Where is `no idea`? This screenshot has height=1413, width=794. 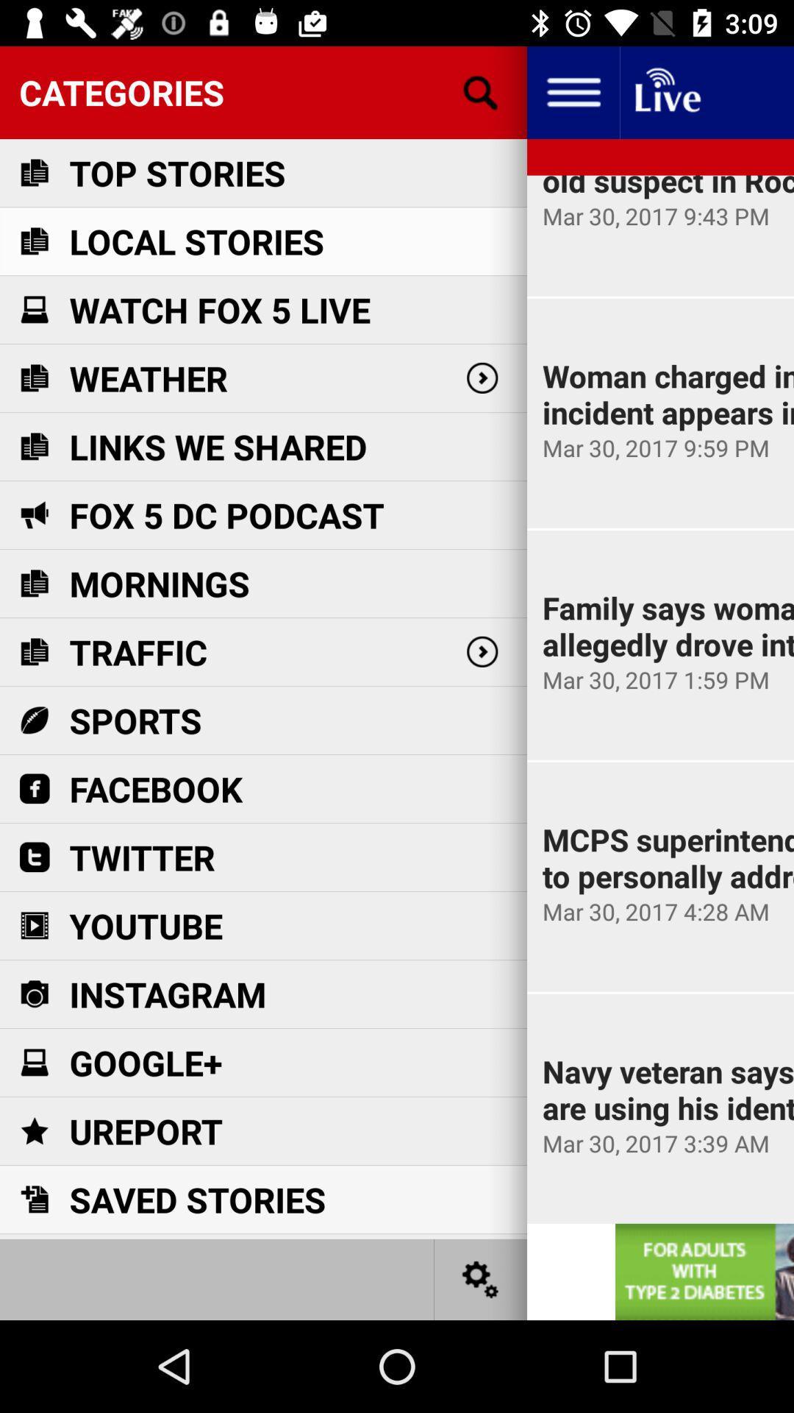
no idea is located at coordinates (666, 91).